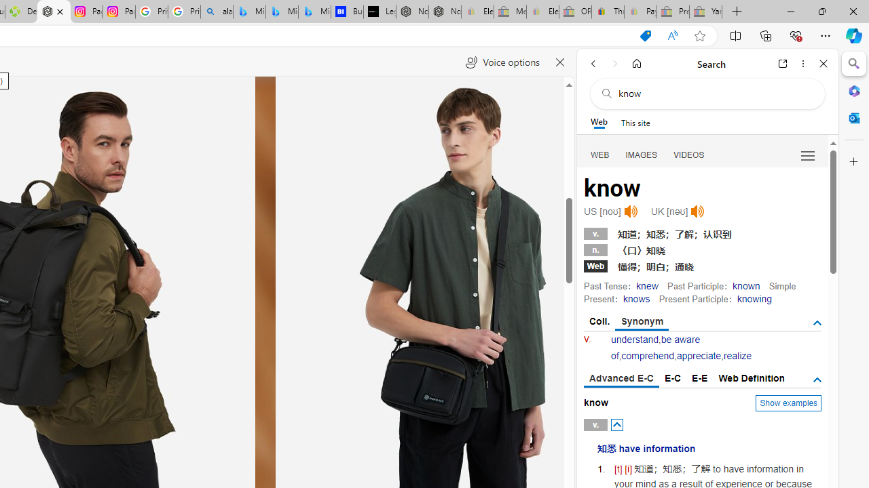 Image resolution: width=869 pixels, height=488 pixels. What do you see at coordinates (853, 90) in the screenshot?
I see `'Microsoft 365'` at bounding box center [853, 90].